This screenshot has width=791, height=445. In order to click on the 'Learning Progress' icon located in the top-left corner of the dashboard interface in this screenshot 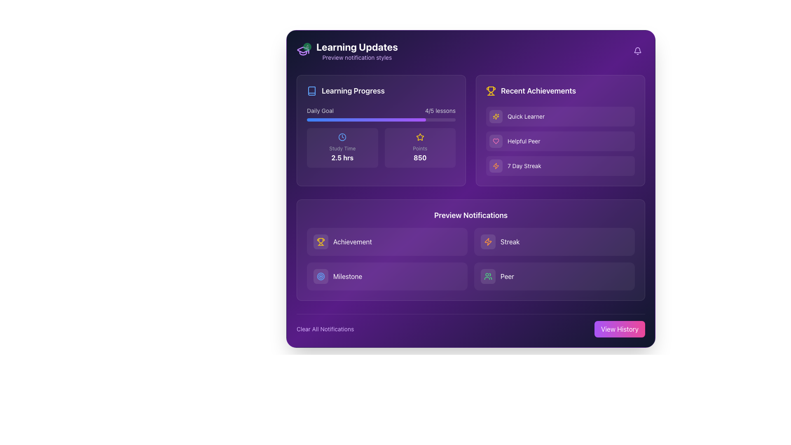, I will do `click(311, 91)`.